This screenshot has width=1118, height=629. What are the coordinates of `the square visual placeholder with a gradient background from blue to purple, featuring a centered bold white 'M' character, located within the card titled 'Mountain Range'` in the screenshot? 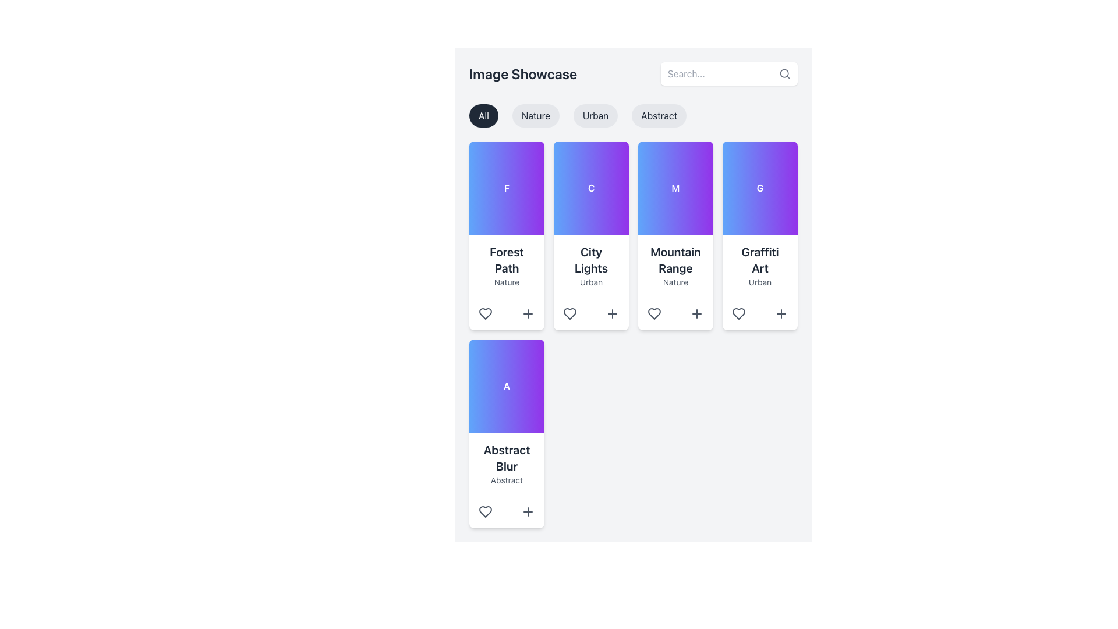 It's located at (675, 188).